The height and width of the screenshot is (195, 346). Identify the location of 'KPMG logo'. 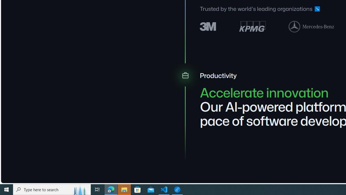
(252, 26).